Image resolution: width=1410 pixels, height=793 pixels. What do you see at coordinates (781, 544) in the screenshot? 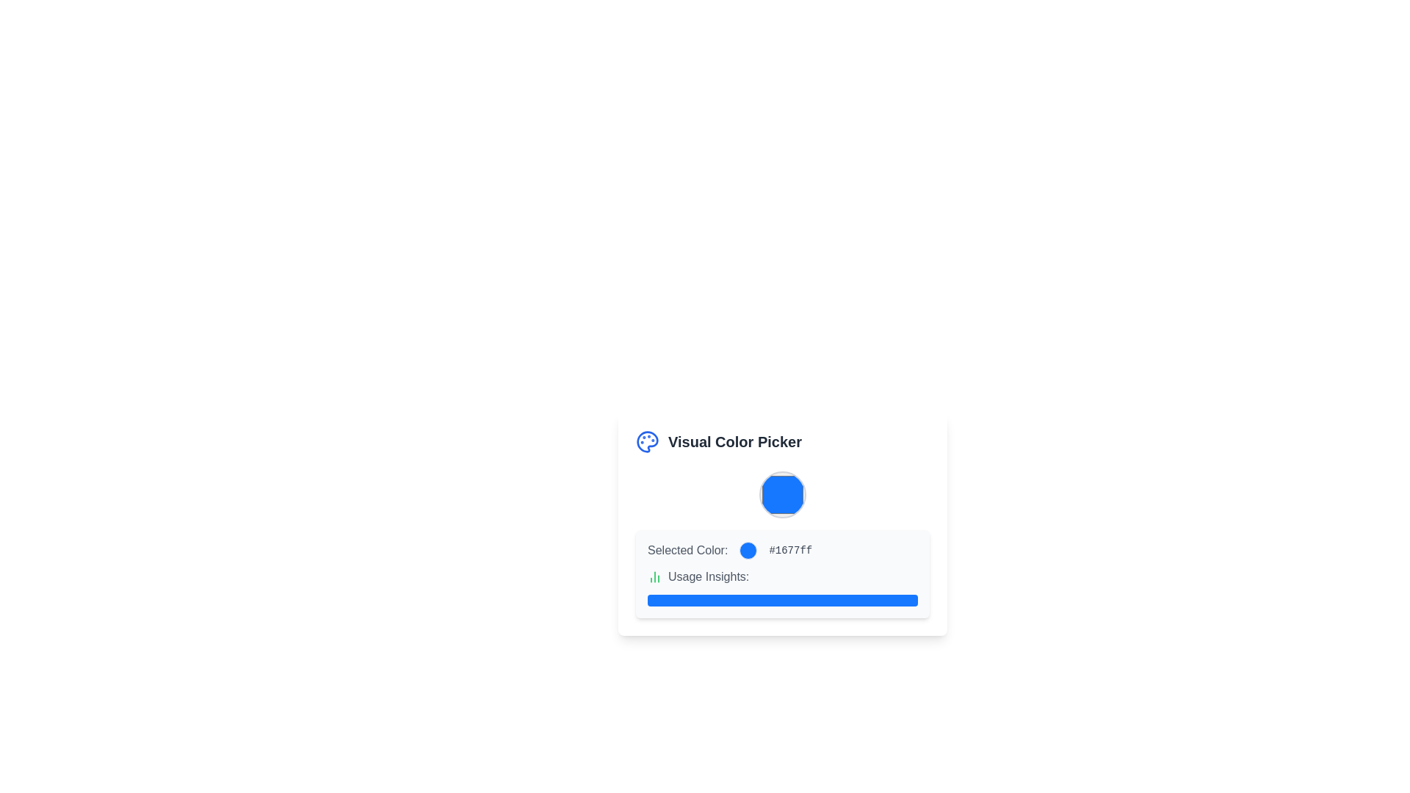
I see `the Informational display section that shows the currently selected color, located centrally within the Visual Color Picker card, below the title 'Visual Color Picker' and above 'Usage Insights'` at bounding box center [781, 544].